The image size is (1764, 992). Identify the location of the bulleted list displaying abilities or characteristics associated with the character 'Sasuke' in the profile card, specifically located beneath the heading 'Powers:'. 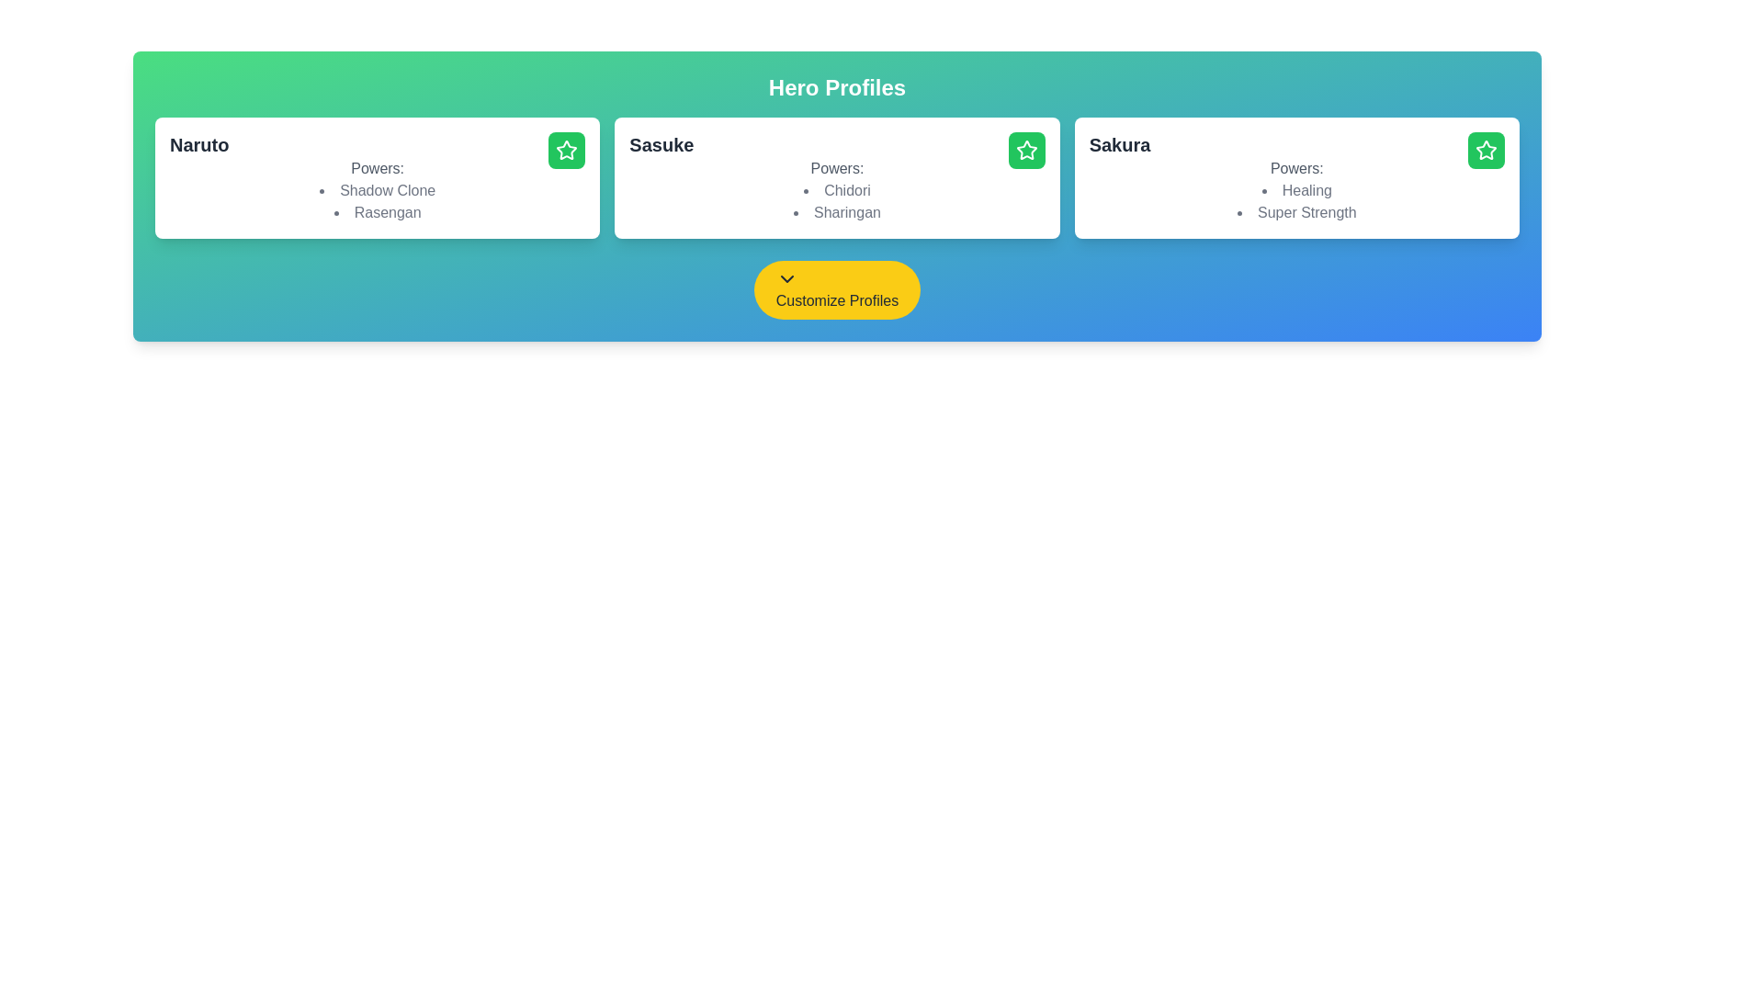
(836, 201).